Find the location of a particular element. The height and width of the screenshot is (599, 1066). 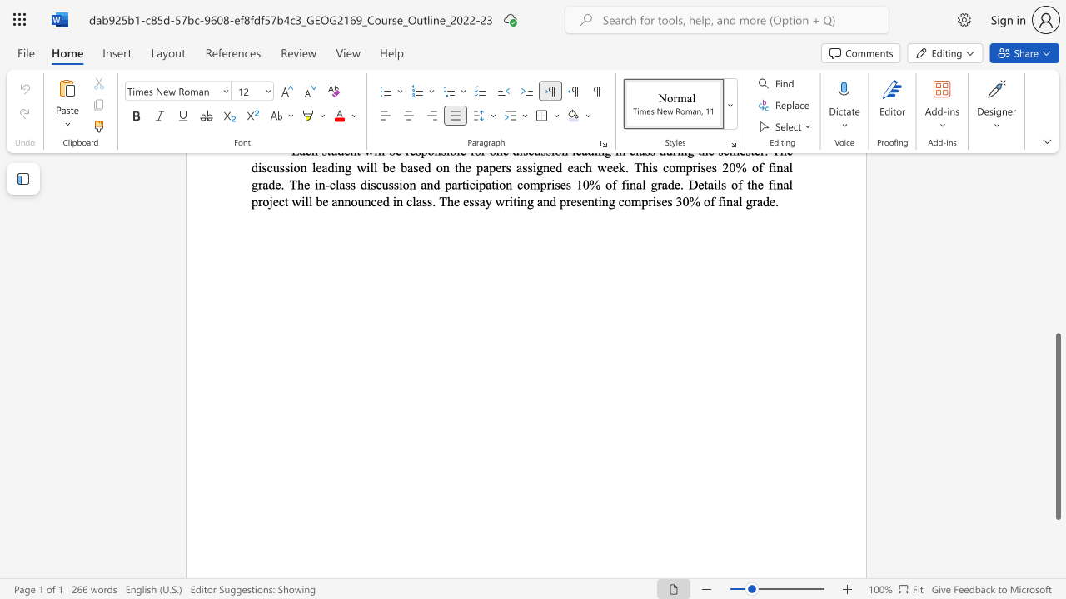

the scrollbar and move down 80 pixels is located at coordinates (1057, 425).